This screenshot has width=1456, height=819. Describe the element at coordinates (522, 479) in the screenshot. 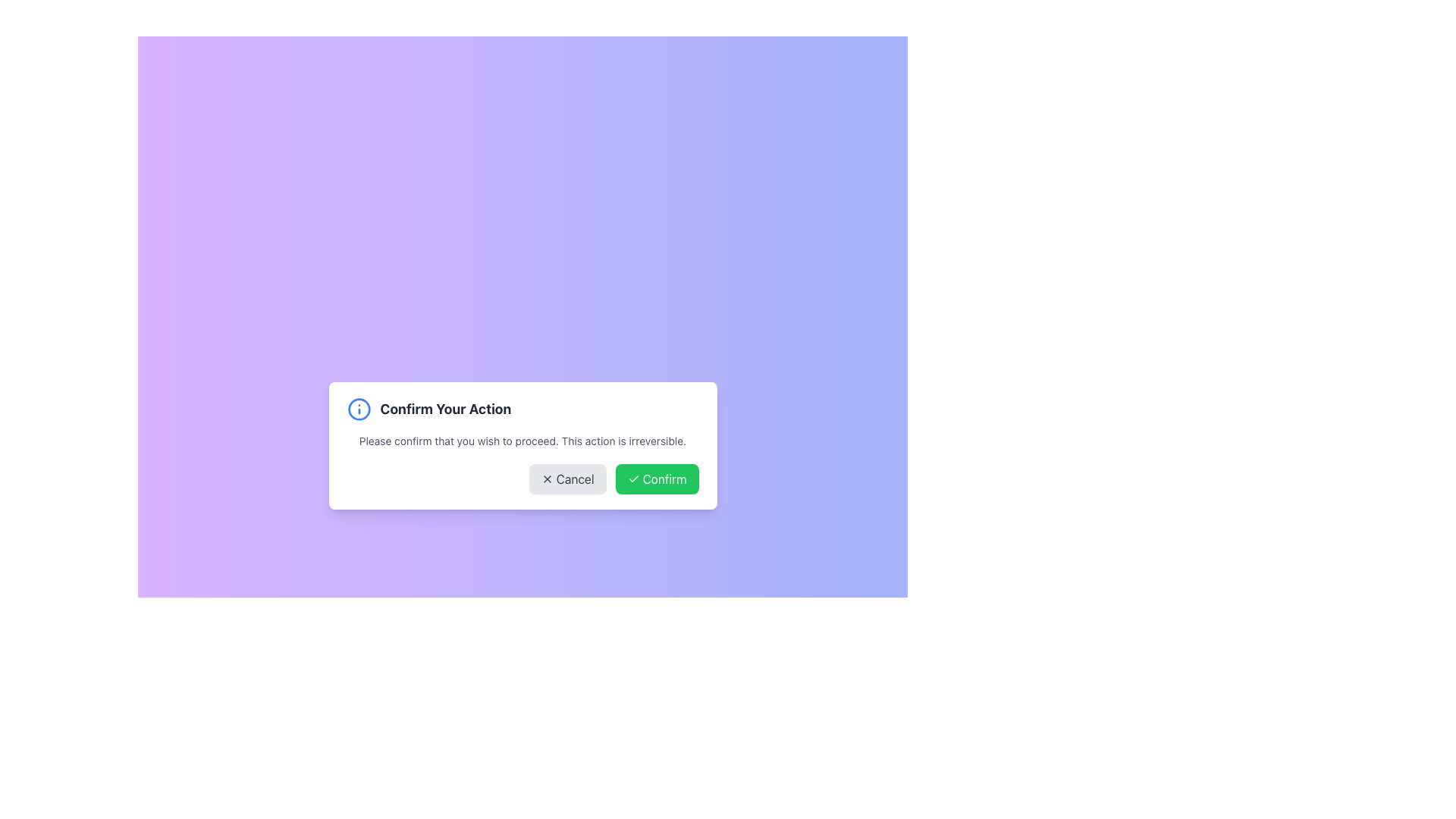

I see `the 'Cancel' button in the Button Group at the bottom center of the modal` at that location.